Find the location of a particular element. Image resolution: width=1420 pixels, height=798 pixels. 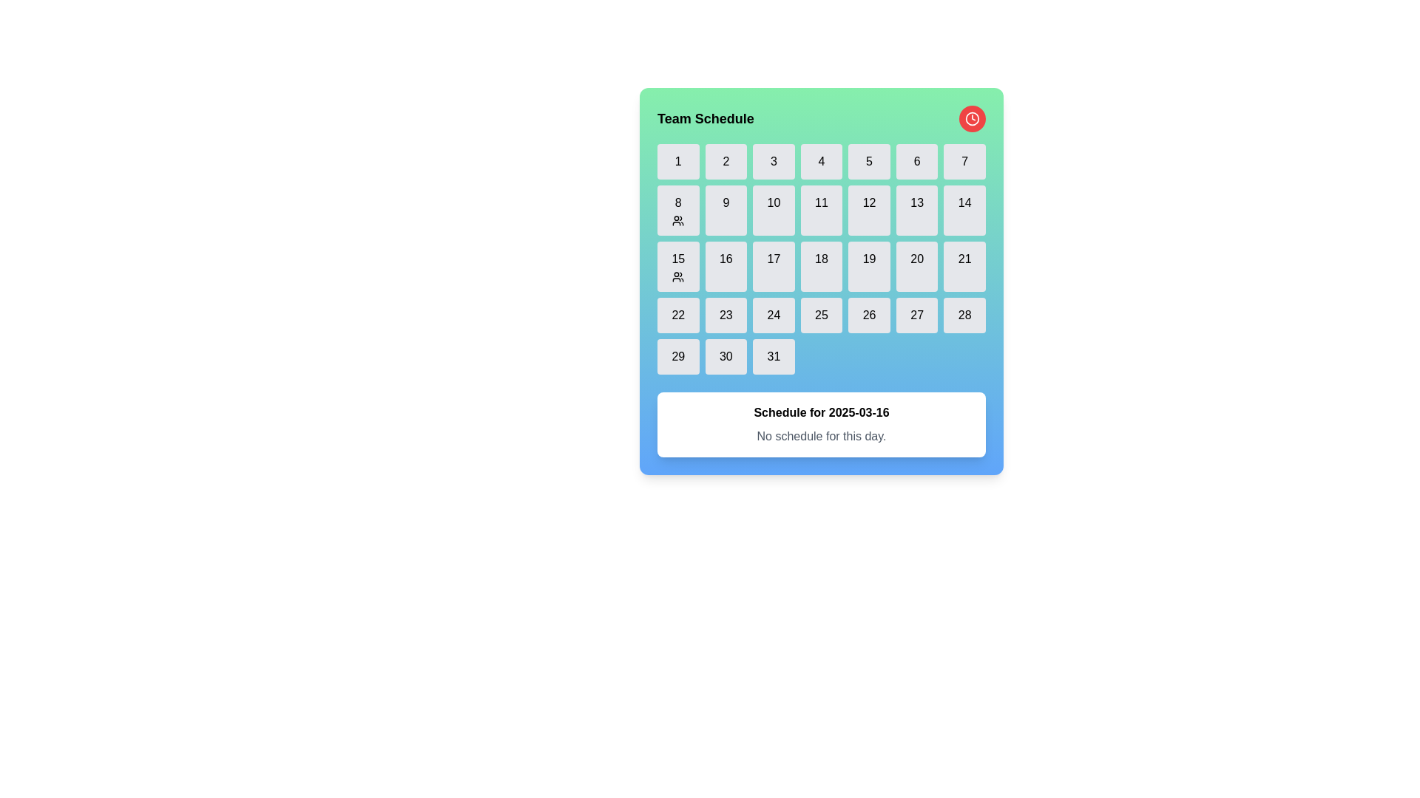

the date selection button located in the fourth row and seventh column of the calendar interface is located at coordinates (964, 211).